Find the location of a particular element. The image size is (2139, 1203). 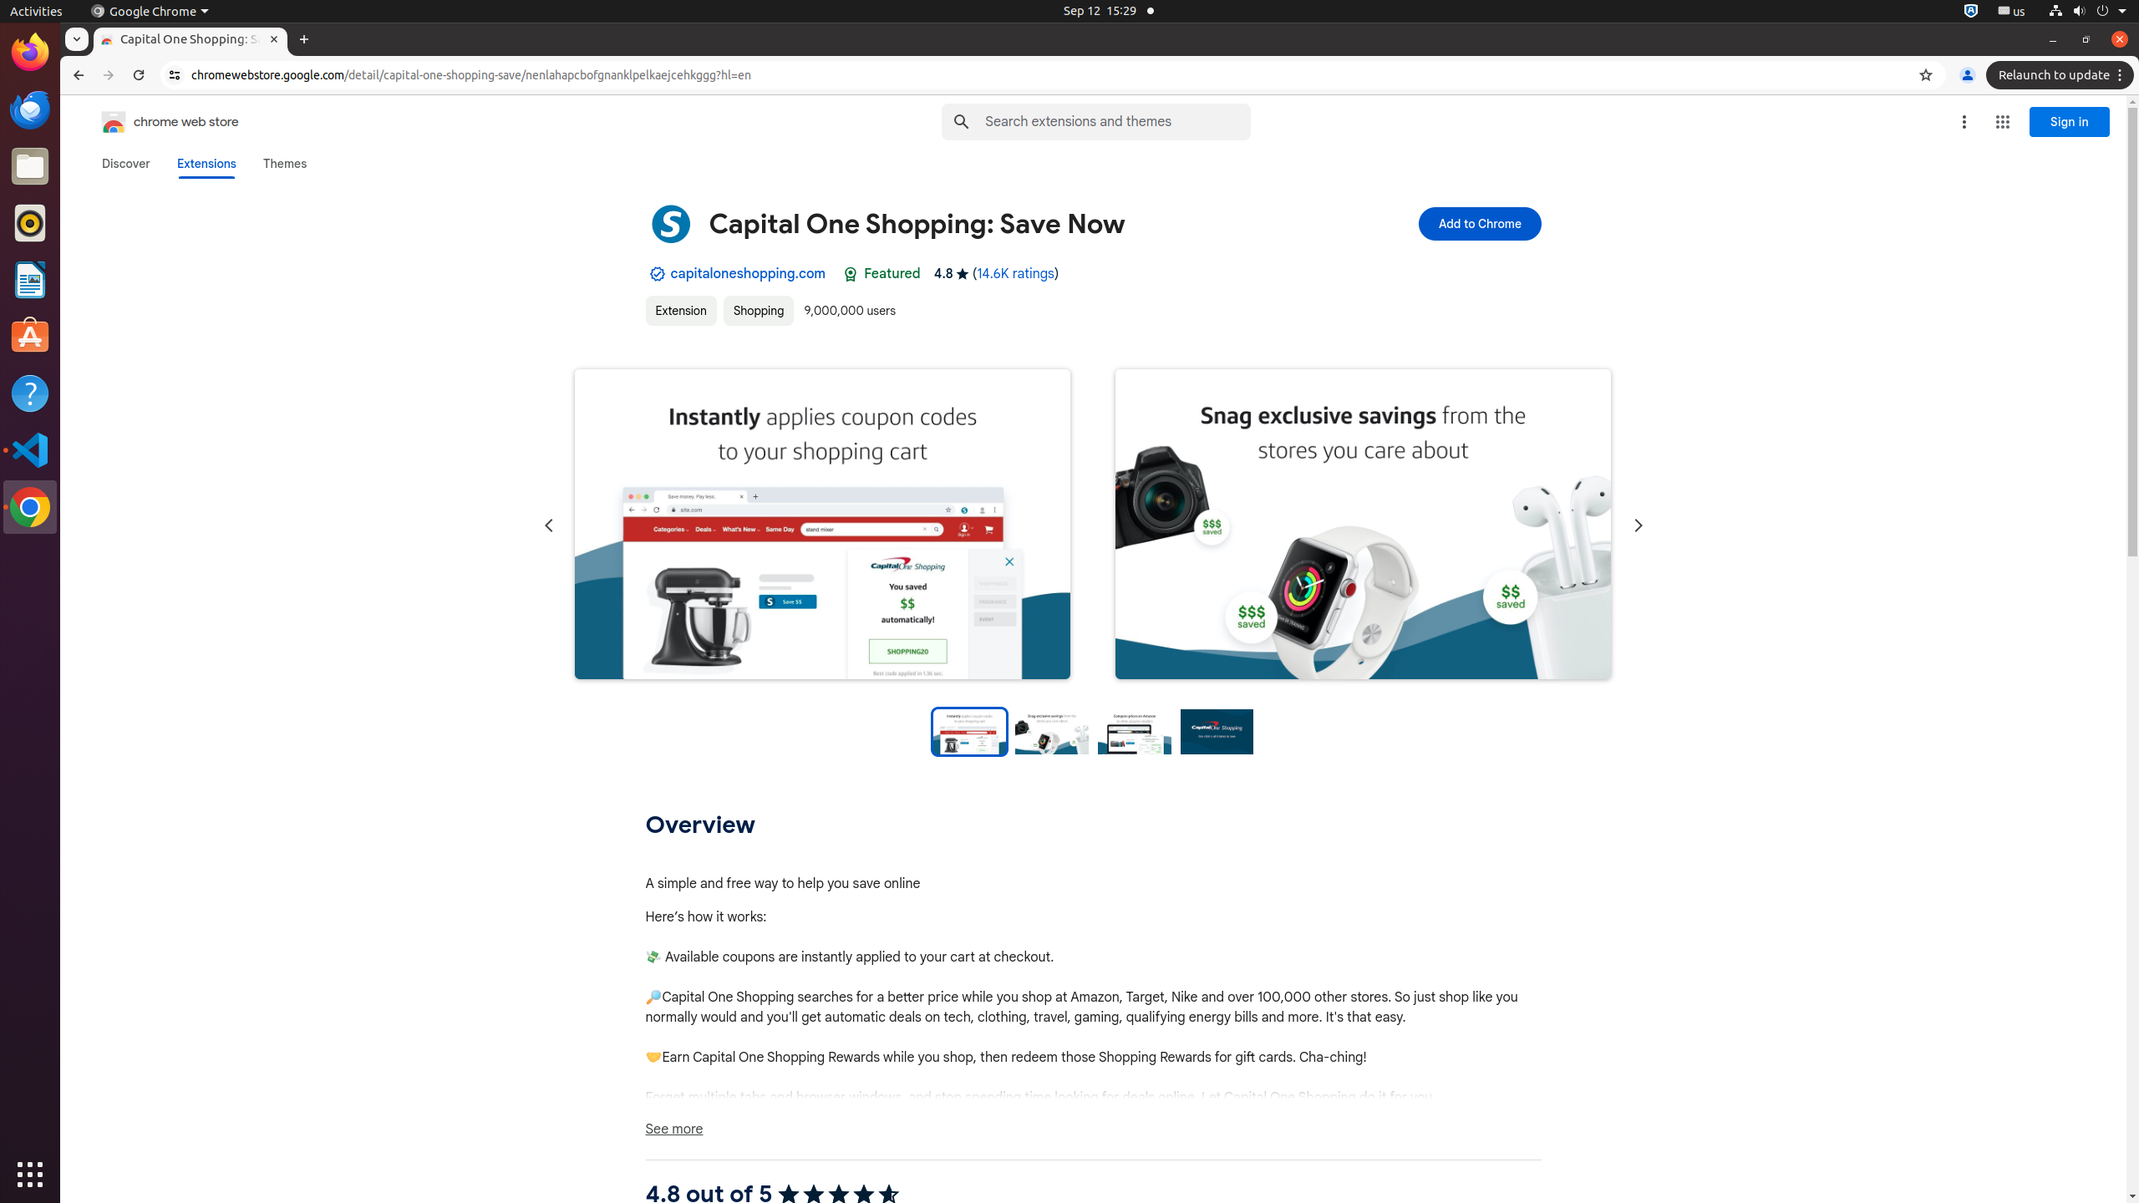

'Preview slide 4' is located at coordinates (1216, 730).